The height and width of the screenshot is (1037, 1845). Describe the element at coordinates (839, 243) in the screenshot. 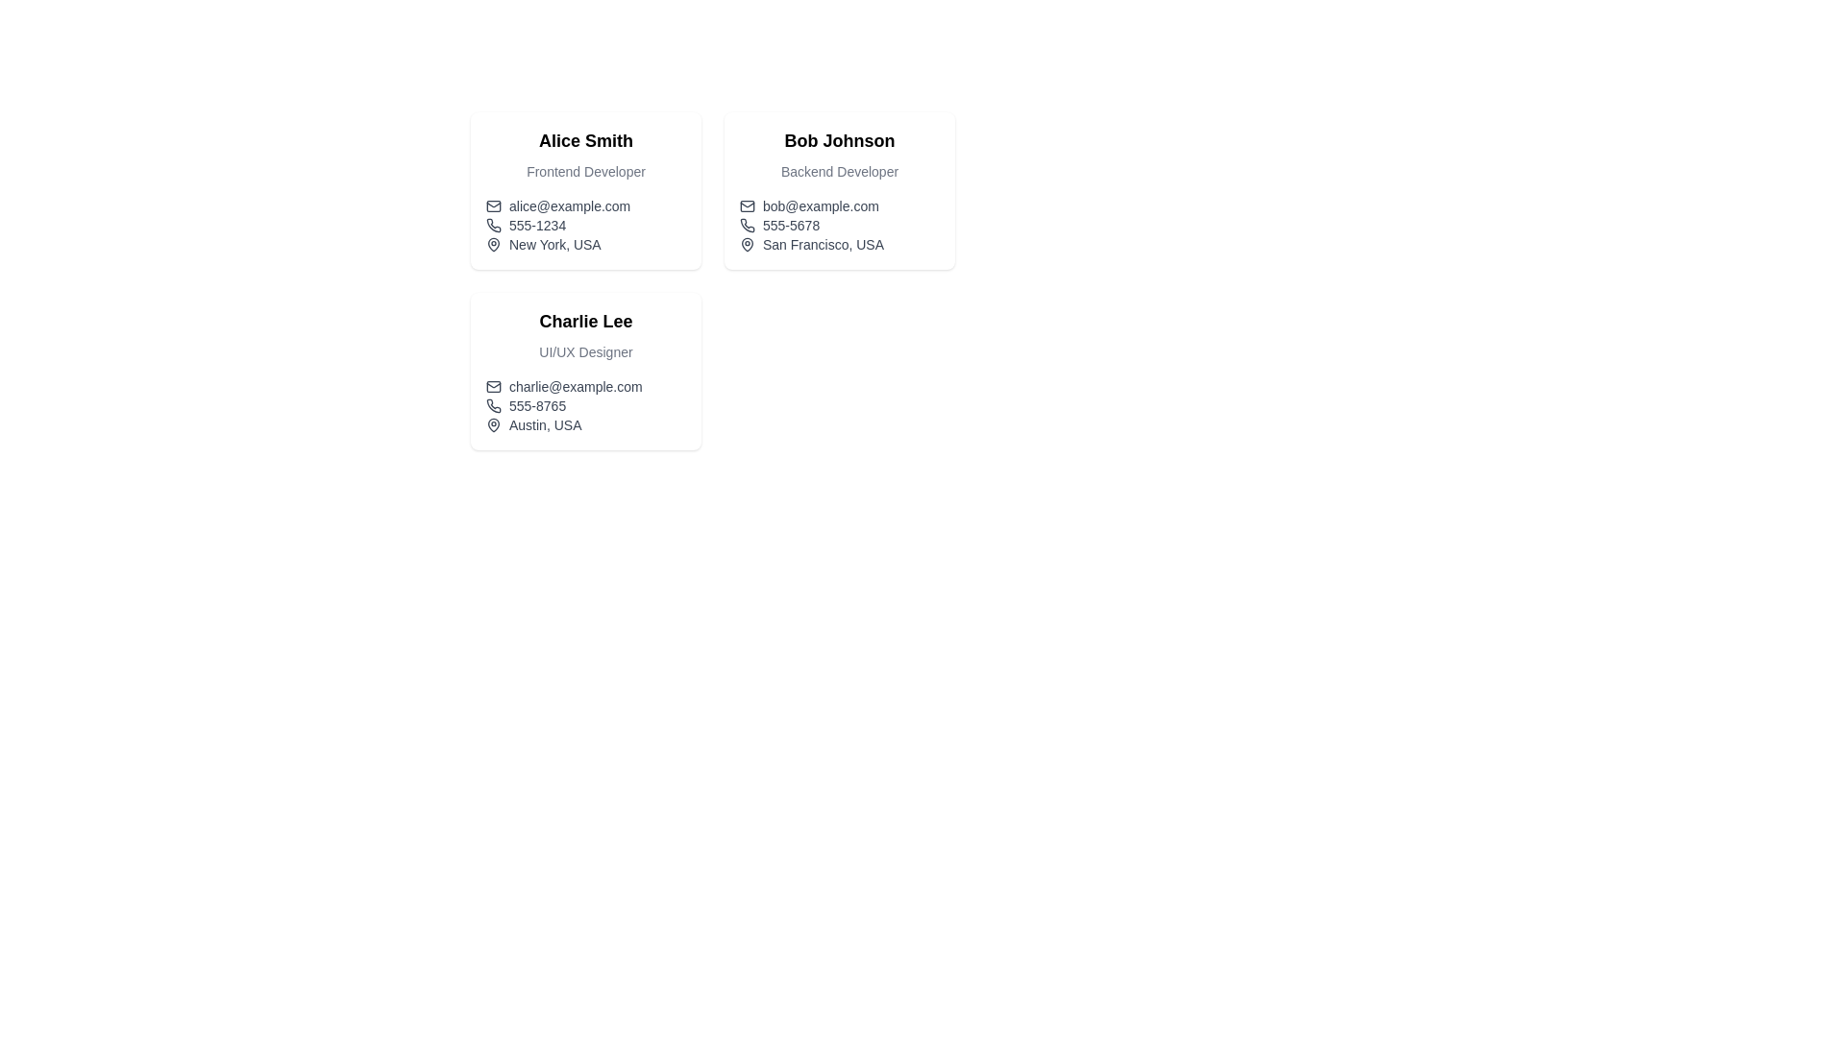

I see `text 'San Francisco, USA' which is the bottom-most item within the card labeled 'Bob Johnson', positioned directly beneath the phone number and icon` at that location.